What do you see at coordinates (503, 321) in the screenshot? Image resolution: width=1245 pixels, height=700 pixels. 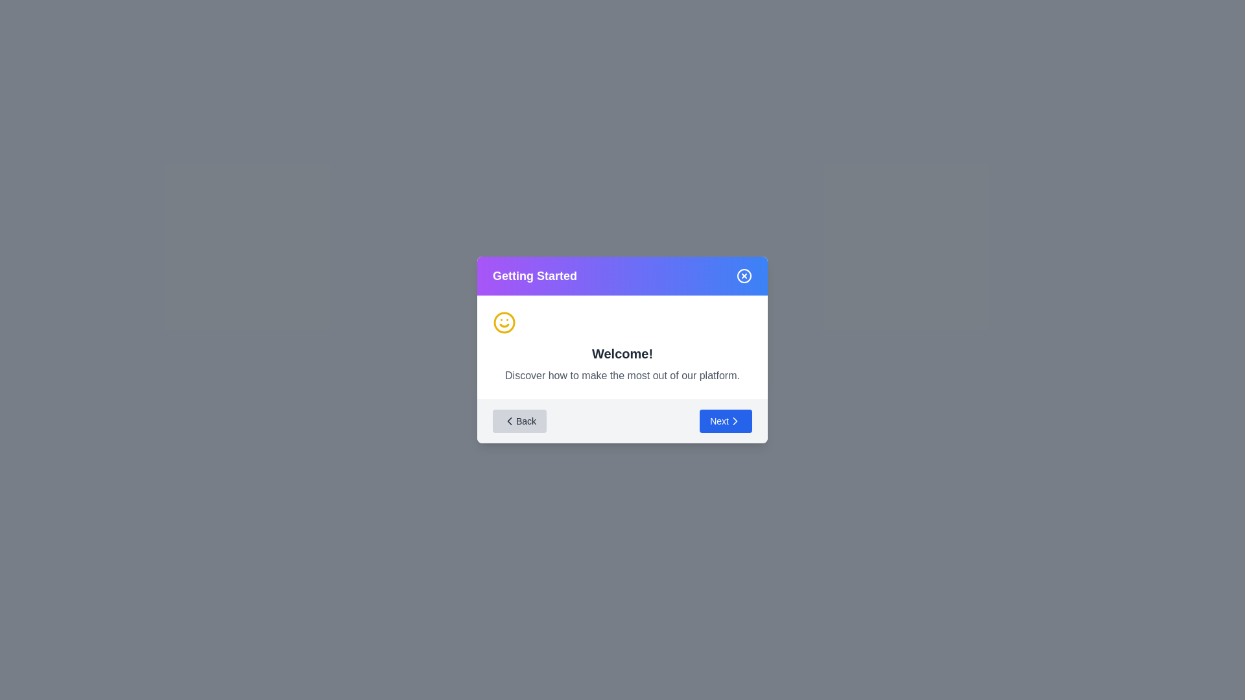 I see `the circular smiling face icon with a yellow outline, located in the top-left area of the modal dialog above the 'Welcome!' header` at bounding box center [503, 321].